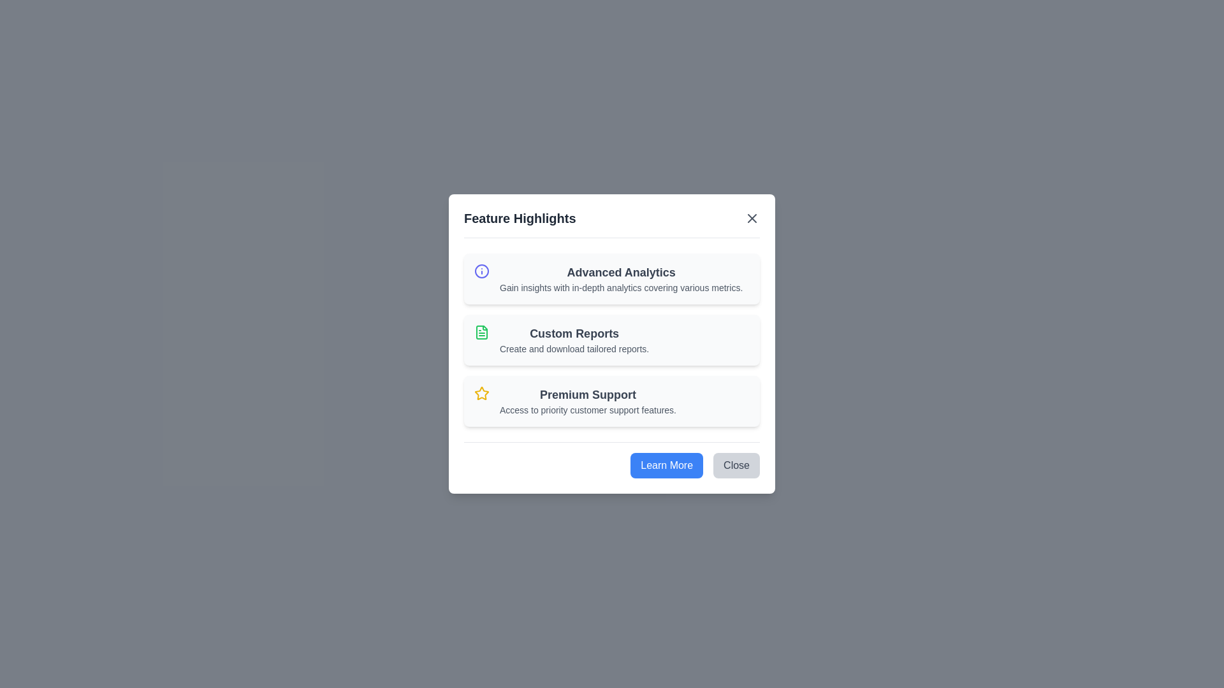  Describe the element at coordinates (612, 400) in the screenshot. I see `feature description text for 'Premium Support' located in the third item of the vertical list under 'Feature Highlights', situated between 'Custom Reports' and the action buttons` at that location.